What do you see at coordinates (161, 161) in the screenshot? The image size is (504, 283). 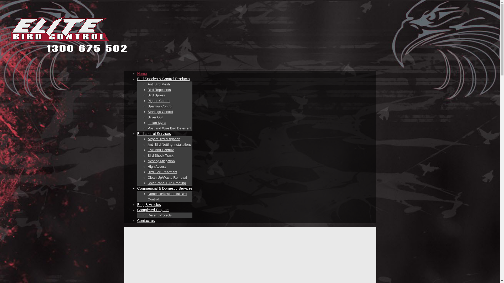 I see `'Nesting Mitigation'` at bounding box center [161, 161].